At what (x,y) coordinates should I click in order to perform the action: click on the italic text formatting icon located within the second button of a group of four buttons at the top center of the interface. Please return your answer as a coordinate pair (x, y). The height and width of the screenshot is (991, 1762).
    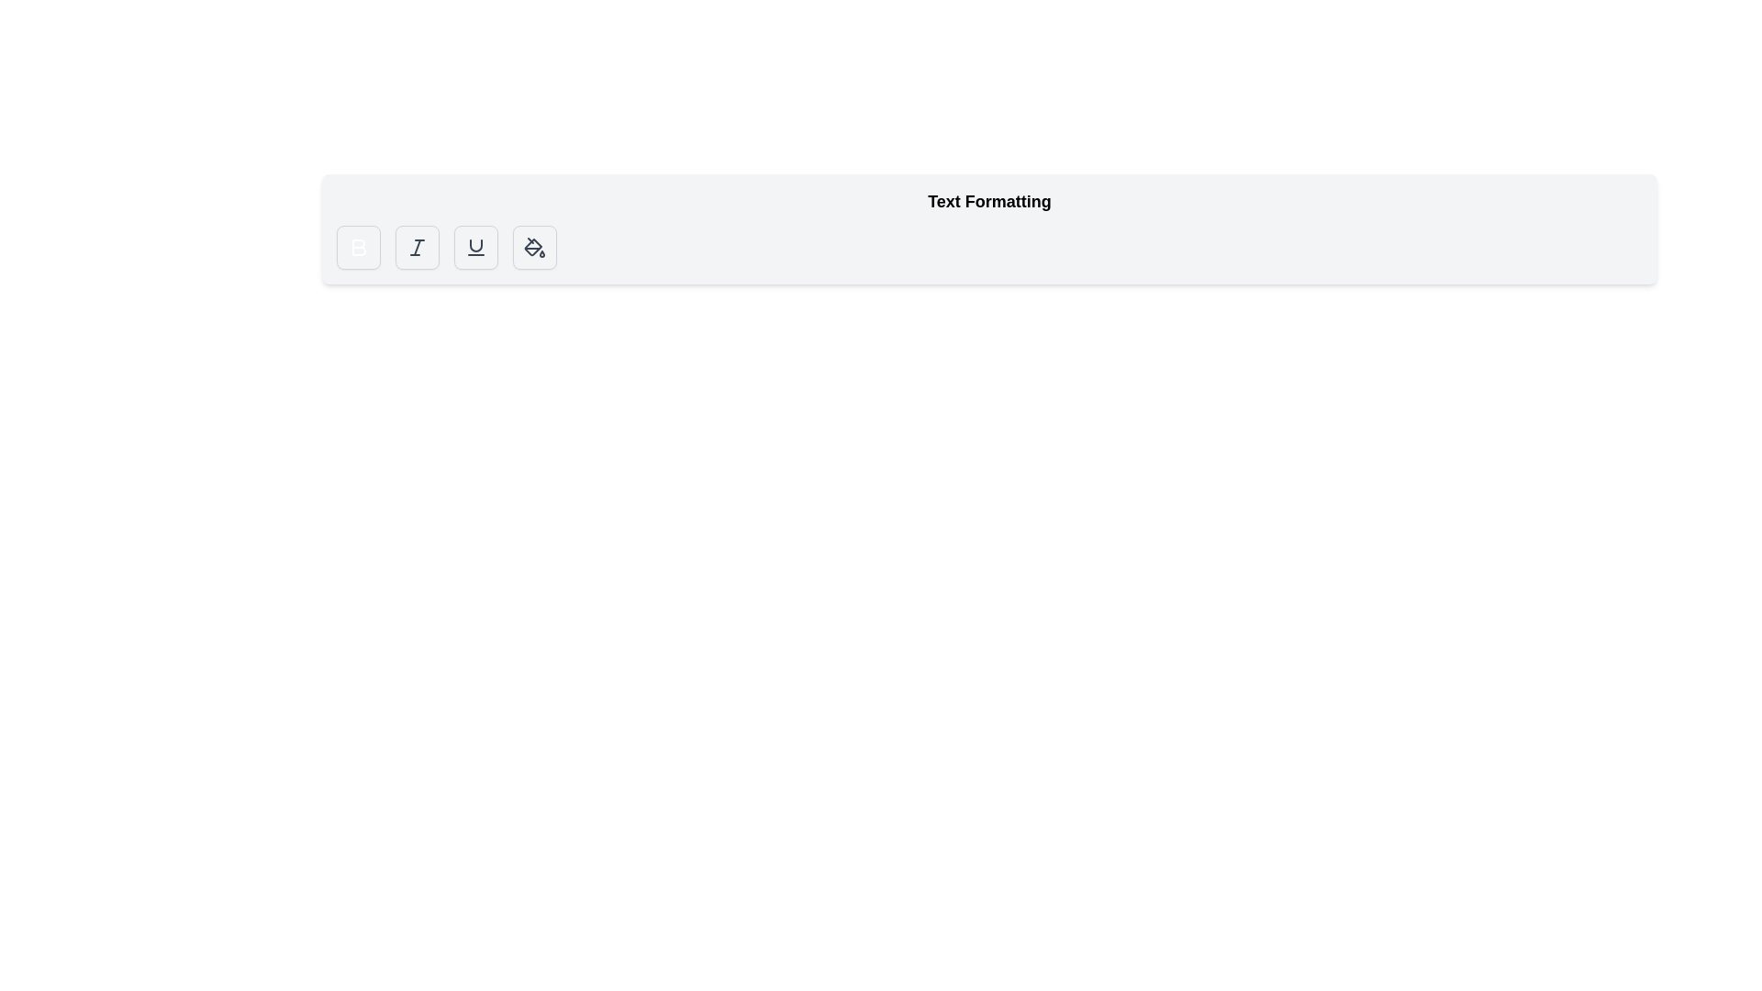
    Looking at the image, I should click on (417, 248).